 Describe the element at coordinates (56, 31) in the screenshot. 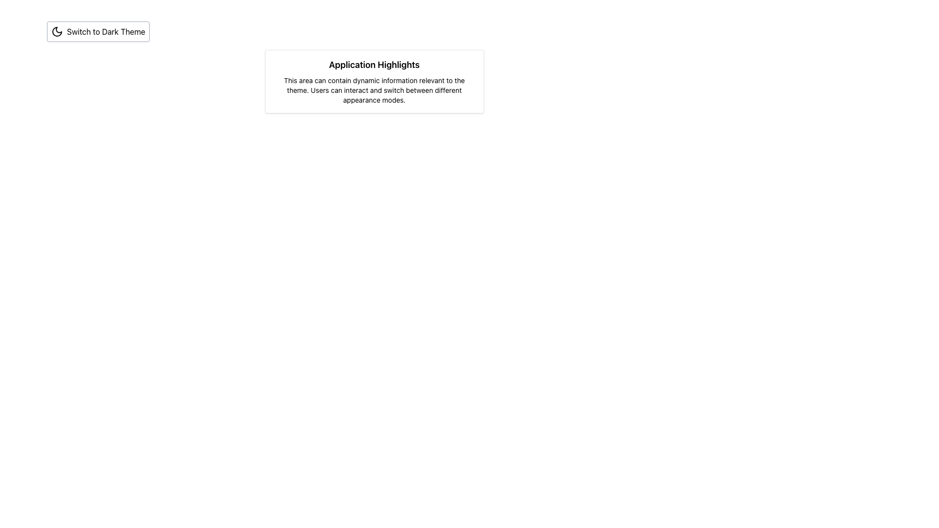

I see `the inner crescent shape of the crescent moon icon, which is located directly` at that location.